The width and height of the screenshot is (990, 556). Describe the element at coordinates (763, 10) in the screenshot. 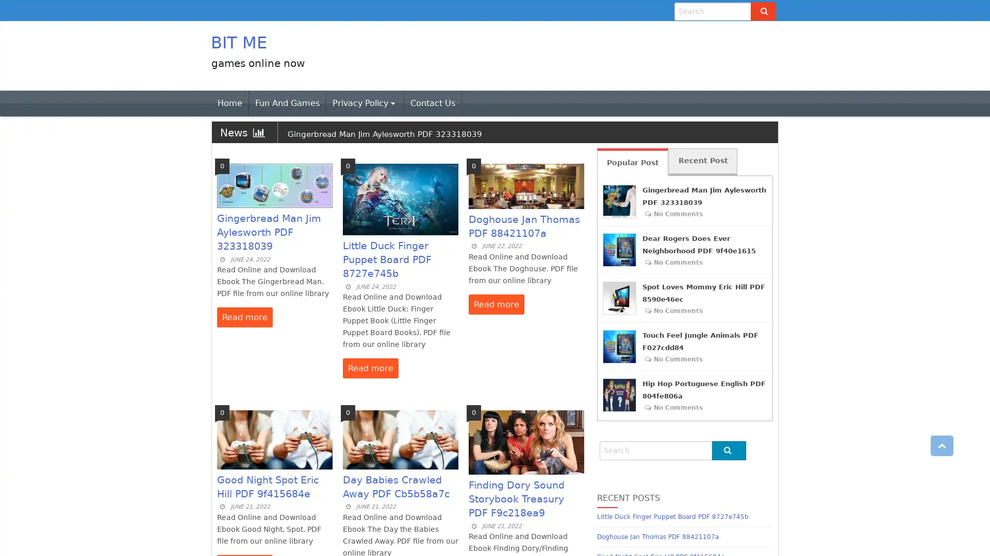

I see `Go` at that location.